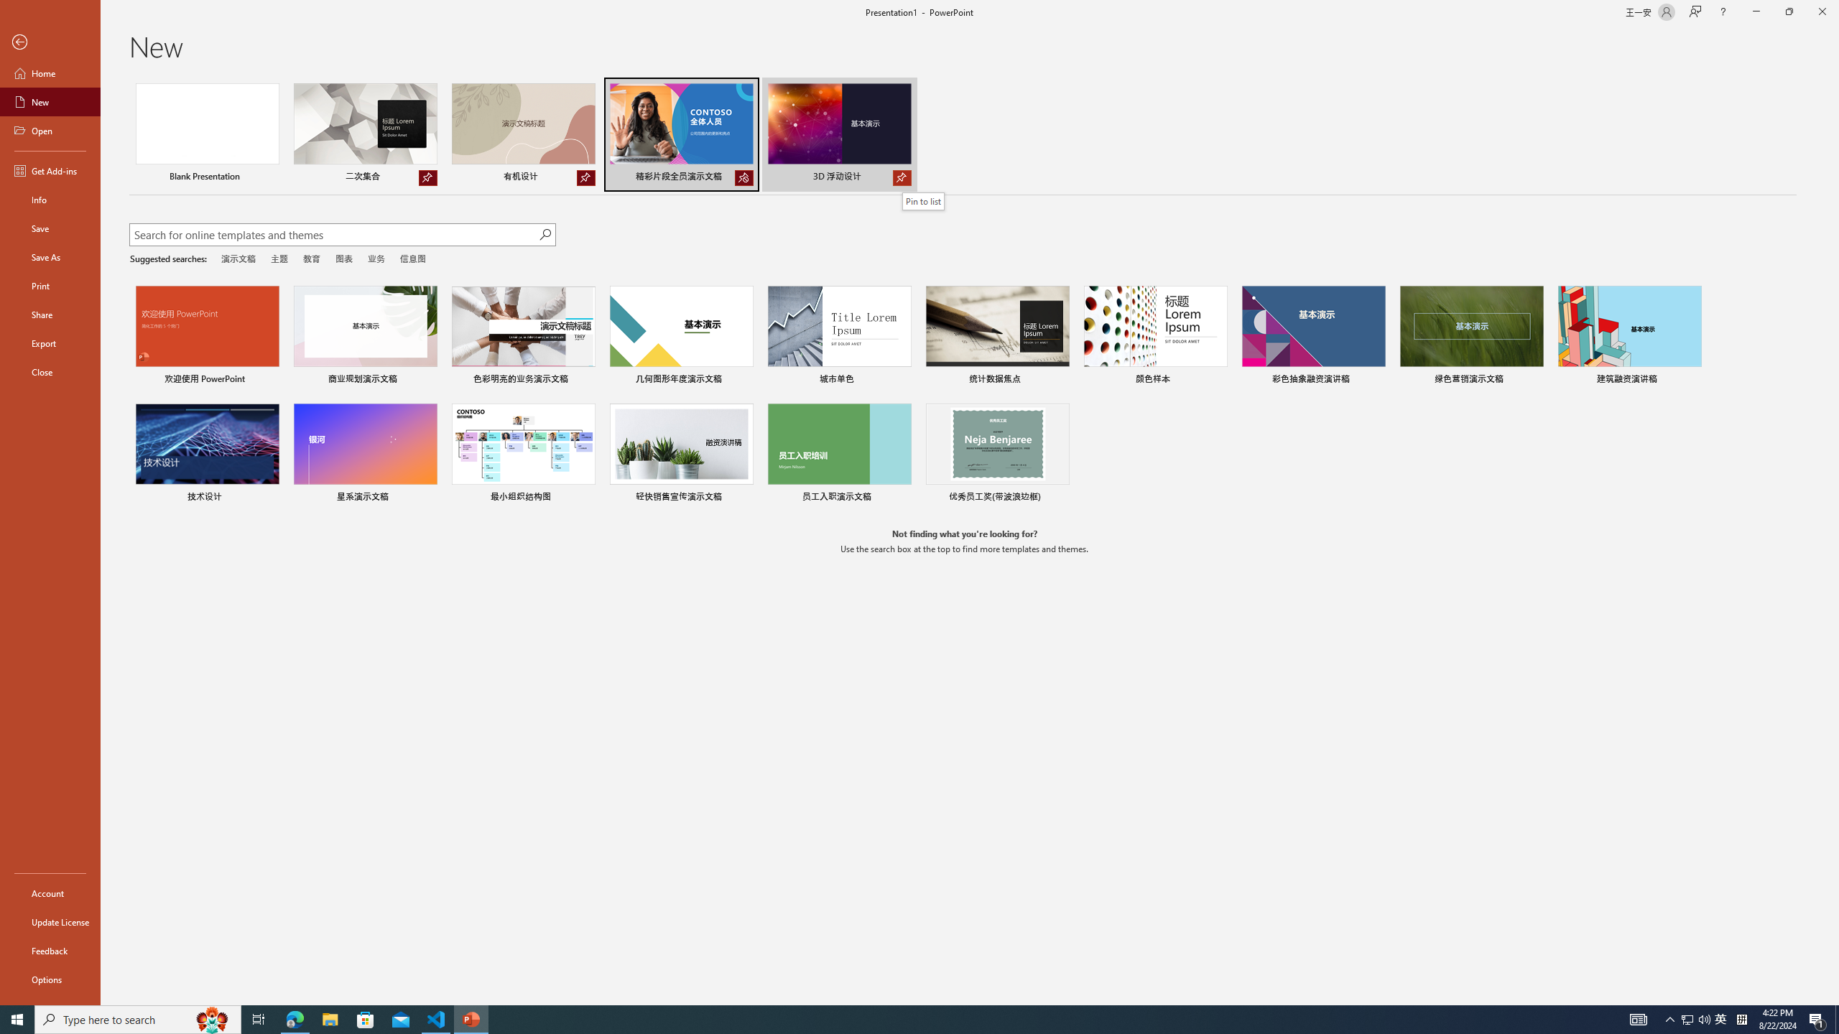 The image size is (1839, 1034). What do you see at coordinates (50, 921) in the screenshot?
I see `'Update License'` at bounding box center [50, 921].